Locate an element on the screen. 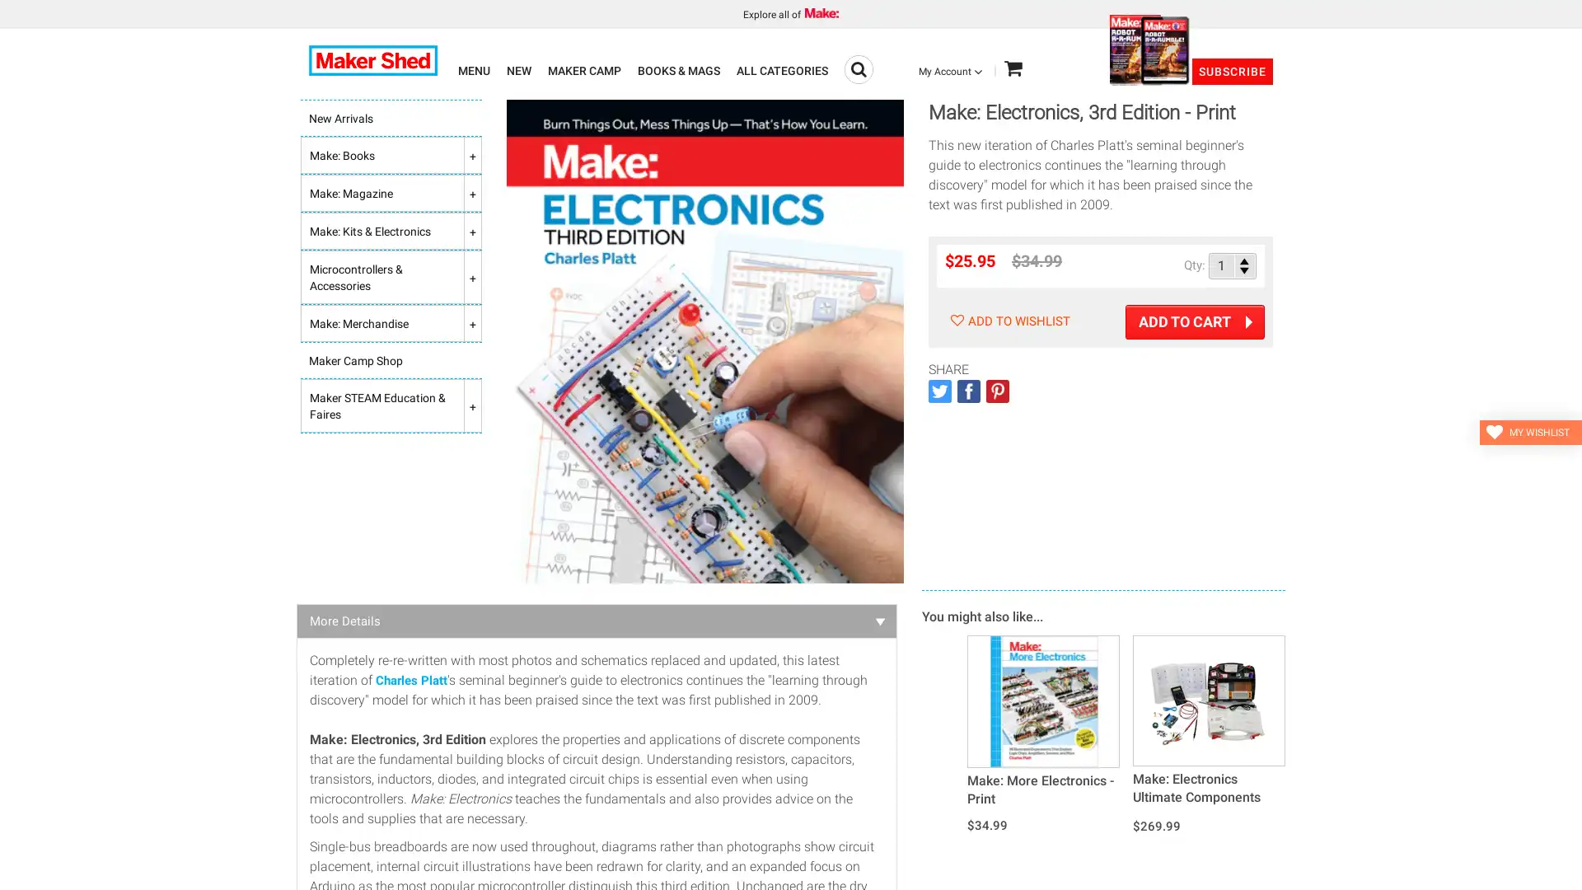  1 is located at coordinates (1233, 265).